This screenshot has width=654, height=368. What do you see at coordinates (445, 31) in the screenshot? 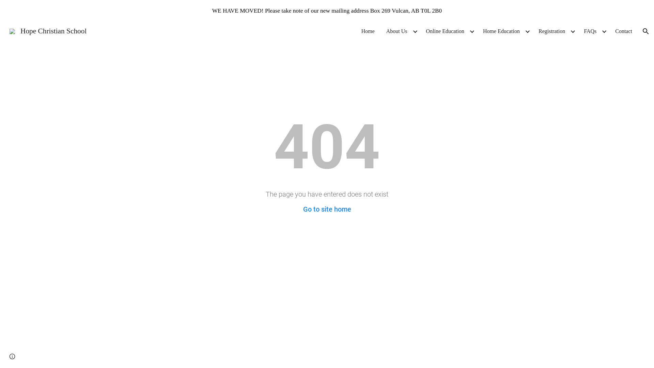
I see `'Online Education'` at bounding box center [445, 31].